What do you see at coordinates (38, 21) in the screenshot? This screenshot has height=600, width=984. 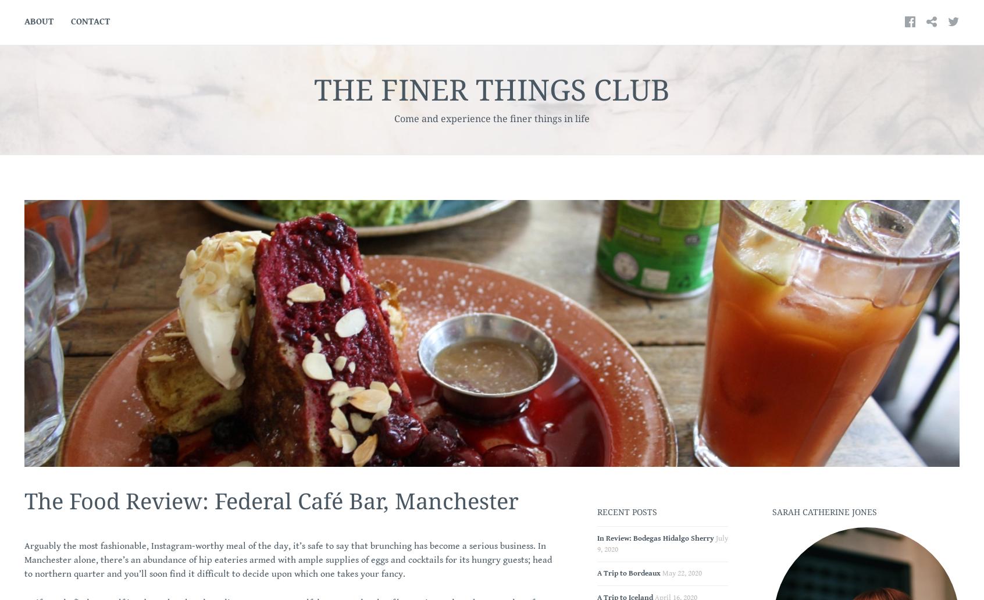 I see `'About'` at bounding box center [38, 21].